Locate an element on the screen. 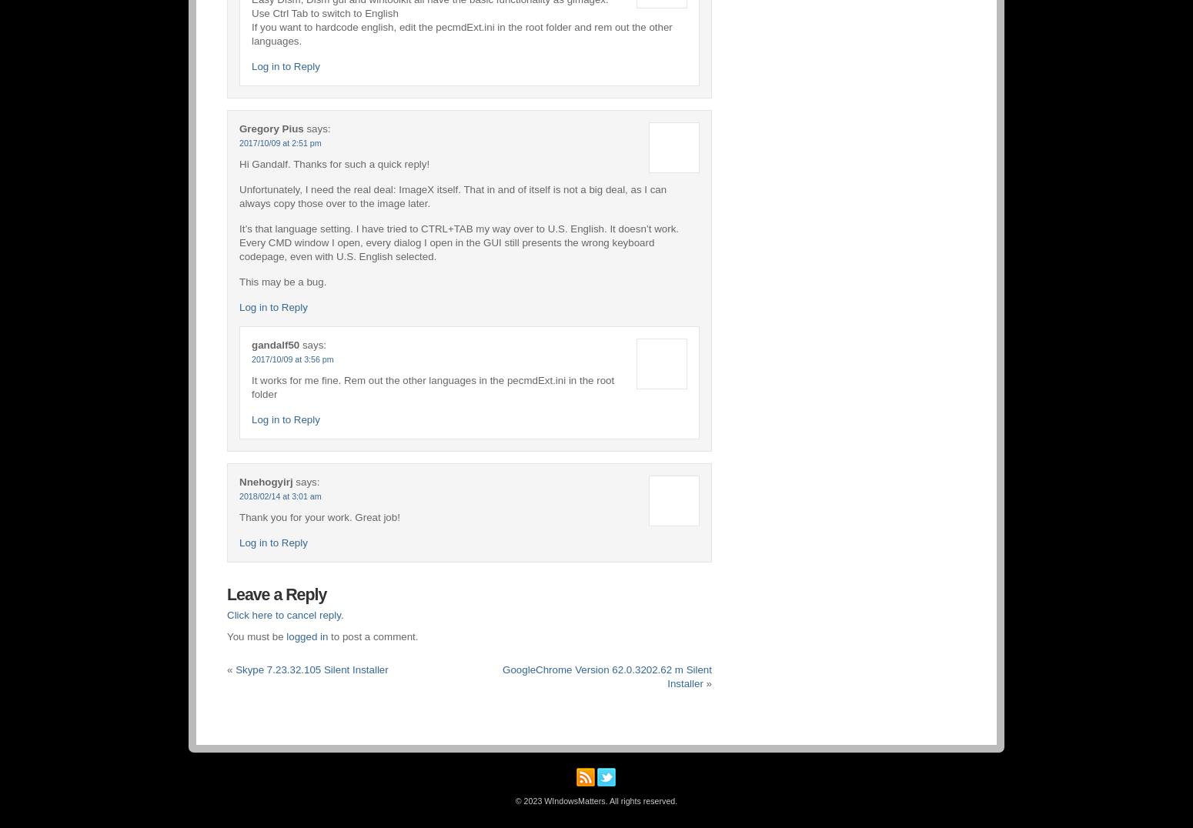 This screenshot has width=1193, height=828. 'Nnehogyirj' is located at coordinates (265, 481).